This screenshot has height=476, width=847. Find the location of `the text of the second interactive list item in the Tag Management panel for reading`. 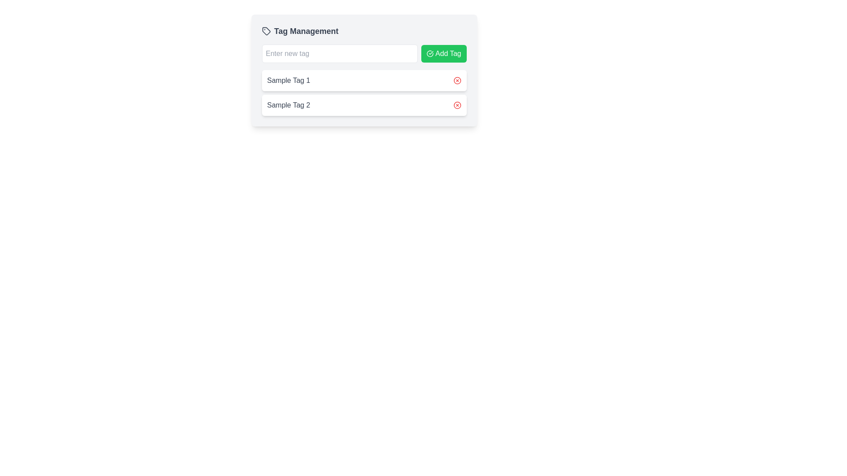

the text of the second interactive list item in the Tag Management panel for reading is located at coordinates (364, 105).